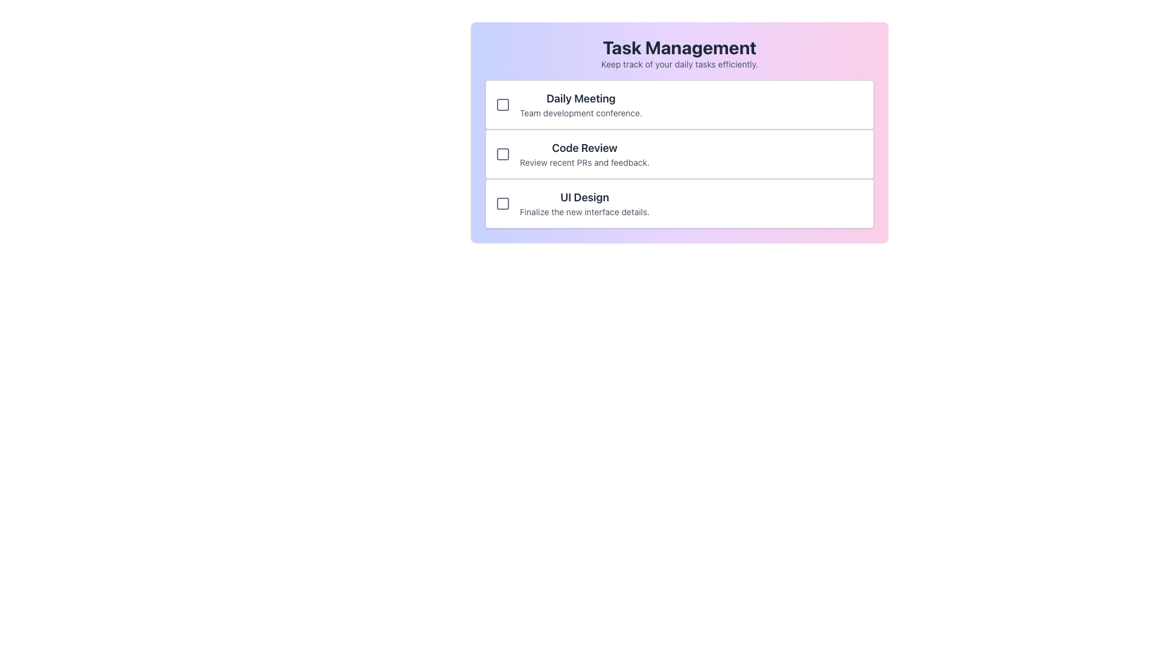 The height and width of the screenshot is (651, 1158). I want to click on the text label displaying 'Finalize the new interface details.' which is positioned under the 'UI Design' heading in the task management list, so click(584, 211).